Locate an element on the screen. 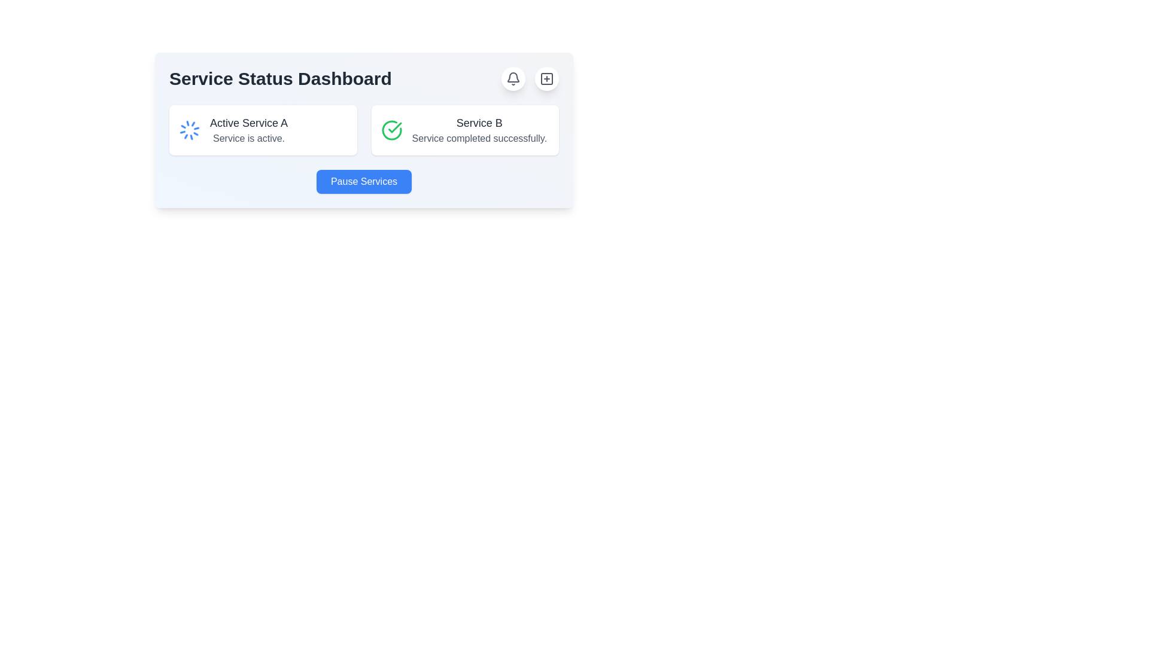 This screenshot has width=1149, height=646. the button in the top-right corner of the dashboard, which features a square icon with a cross or plus sign is located at coordinates (546, 78).